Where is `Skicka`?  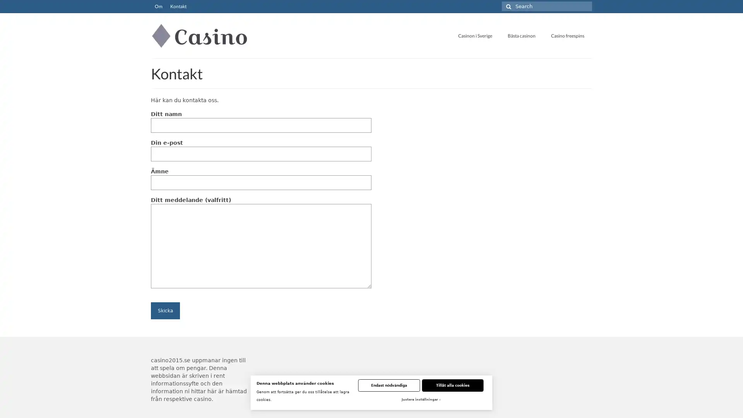 Skicka is located at coordinates (165, 310).